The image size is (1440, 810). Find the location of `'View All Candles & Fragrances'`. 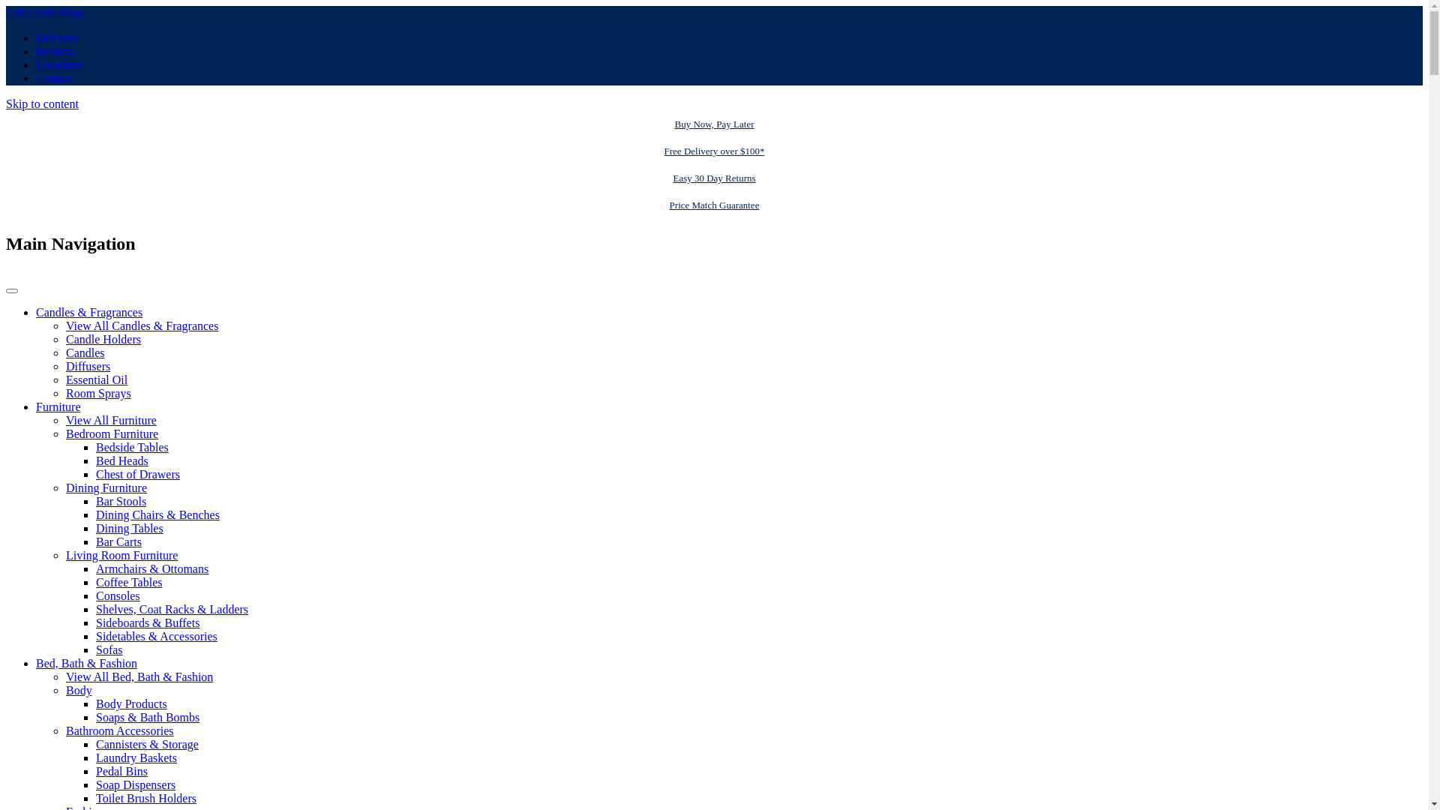

'View All Candles & Fragrances' is located at coordinates (64, 325).